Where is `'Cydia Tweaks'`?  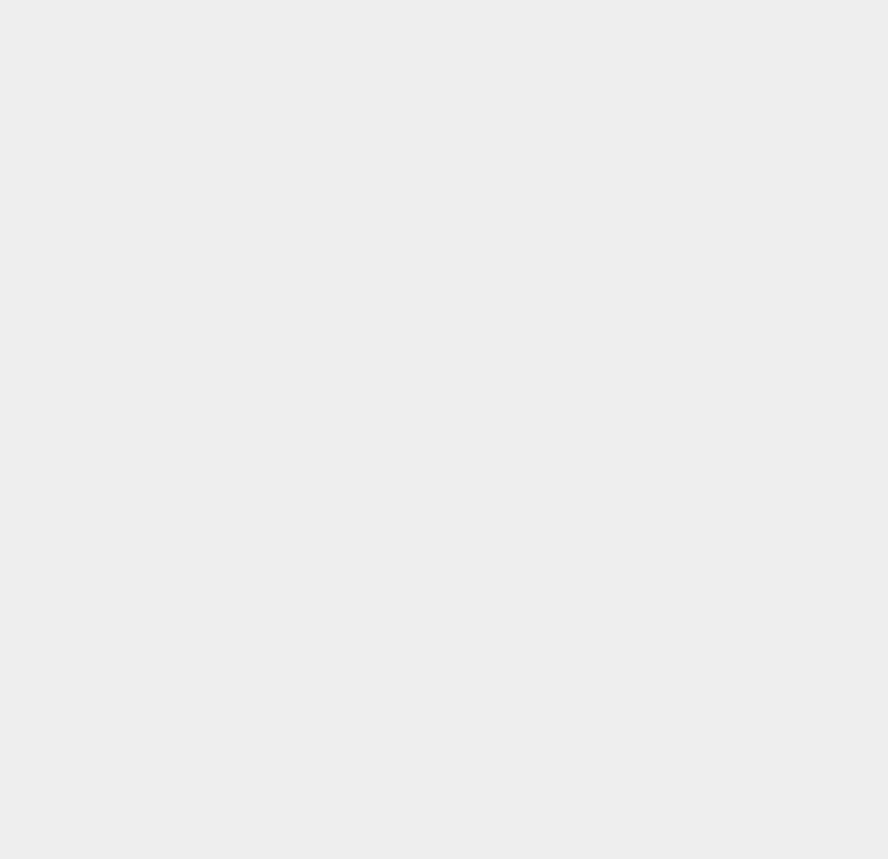
'Cydia Tweaks' is located at coordinates (663, 631).